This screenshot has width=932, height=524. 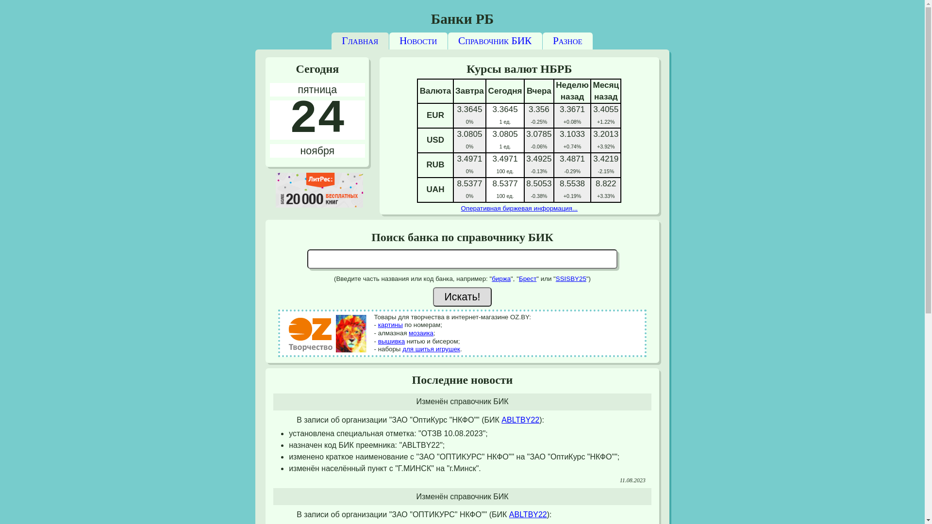 What do you see at coordinates (571, 278) in the screenshot?
I see `'SSISBY25'` at bounding box center [571, 278].